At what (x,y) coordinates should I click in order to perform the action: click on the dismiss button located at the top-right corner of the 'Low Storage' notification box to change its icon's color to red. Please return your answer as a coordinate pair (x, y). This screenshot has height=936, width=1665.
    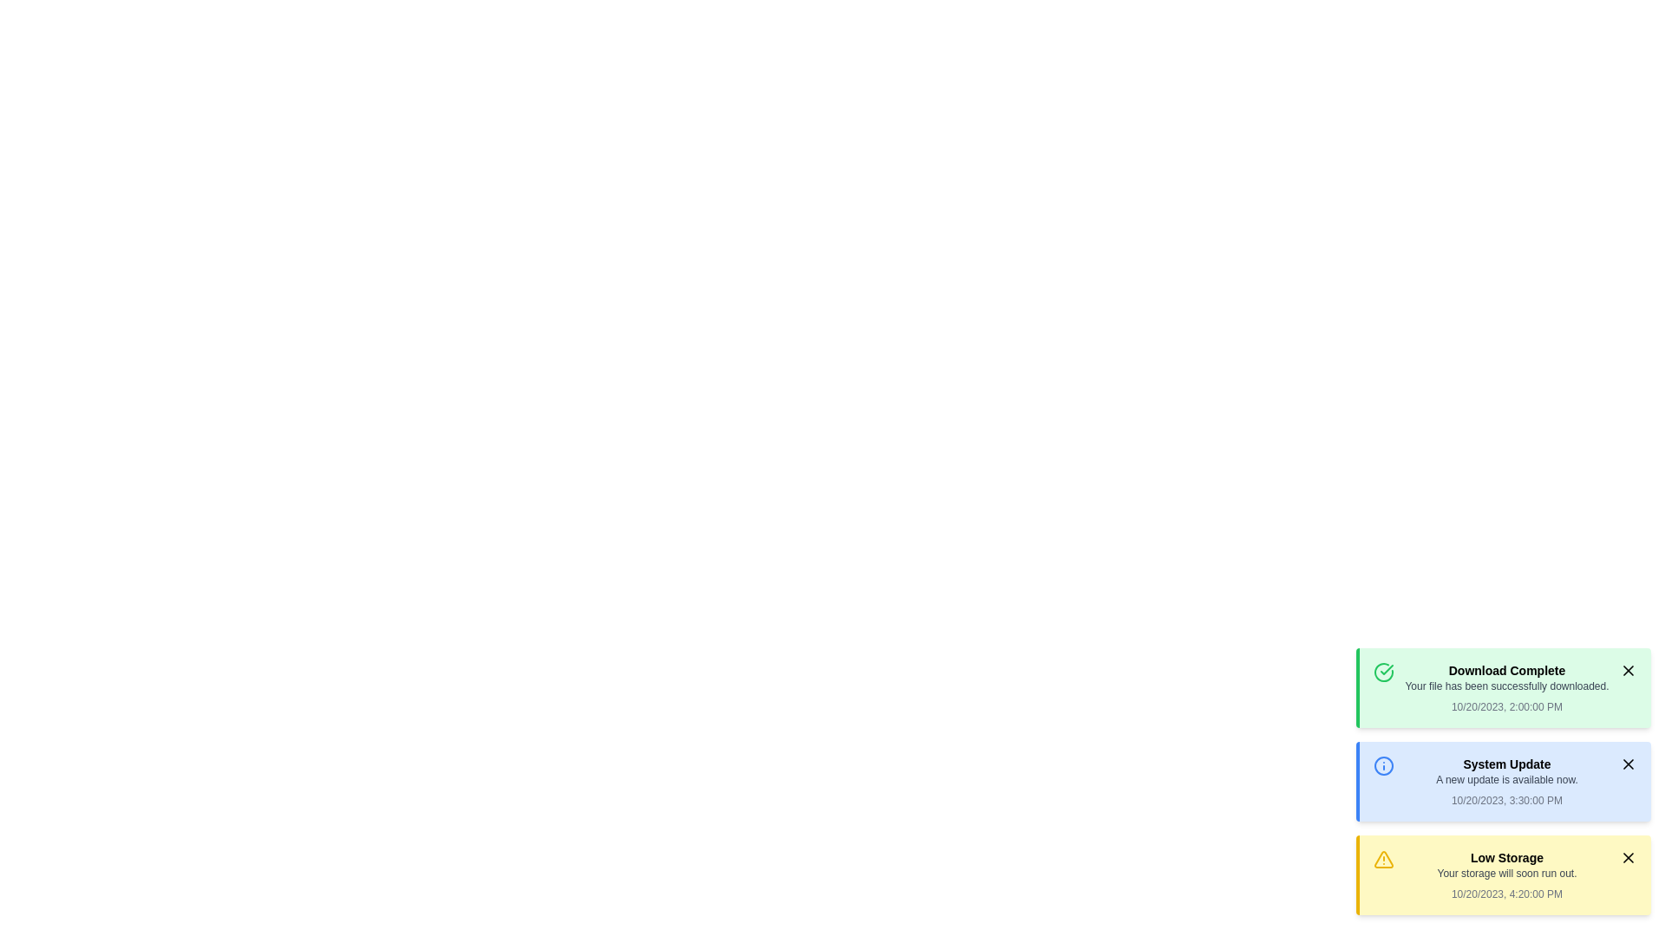
    Looking at the image, I should click on (1627, 858).